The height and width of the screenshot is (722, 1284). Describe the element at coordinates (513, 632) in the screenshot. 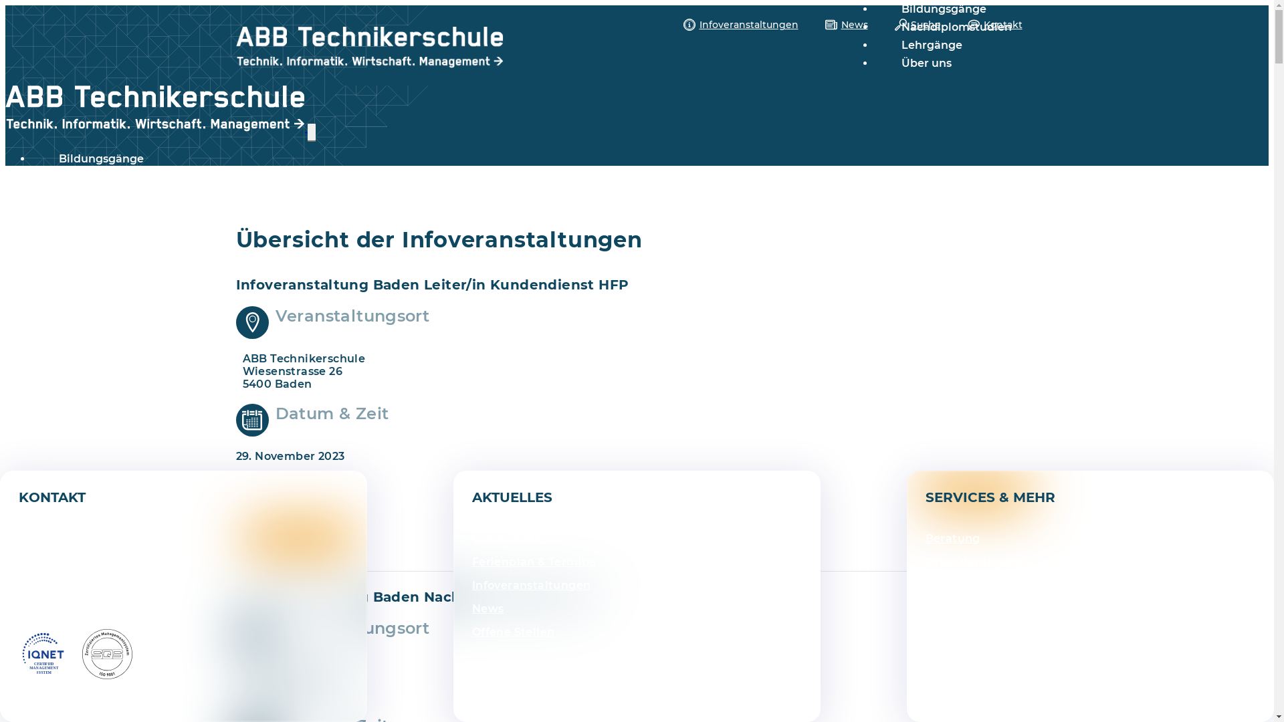

I see `'Offene Stellen'` at that location.